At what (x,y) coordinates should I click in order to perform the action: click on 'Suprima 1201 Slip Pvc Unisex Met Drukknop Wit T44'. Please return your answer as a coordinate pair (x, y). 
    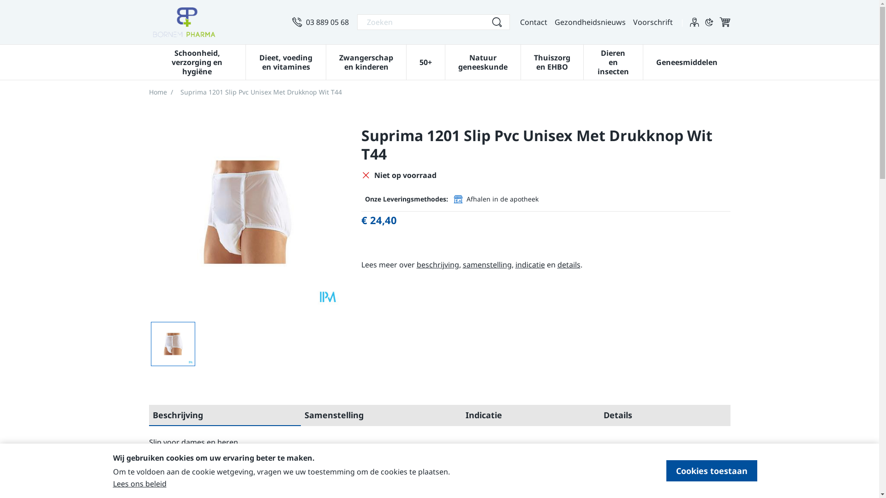
    Looking at the image, I should click on (173, 344).